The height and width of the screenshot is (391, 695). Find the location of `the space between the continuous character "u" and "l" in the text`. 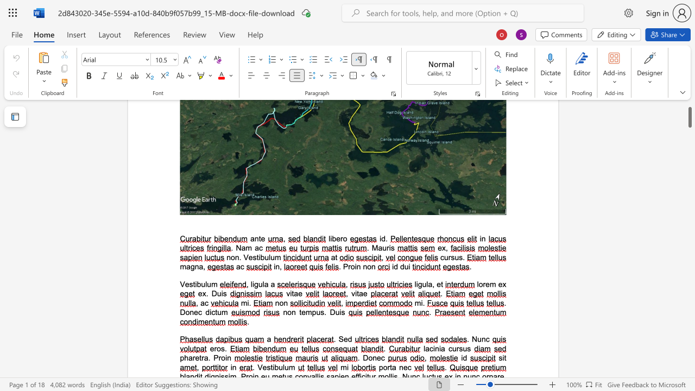

the space between the continuous character "u" and "l" in the text is located at coordinates (262, 283).